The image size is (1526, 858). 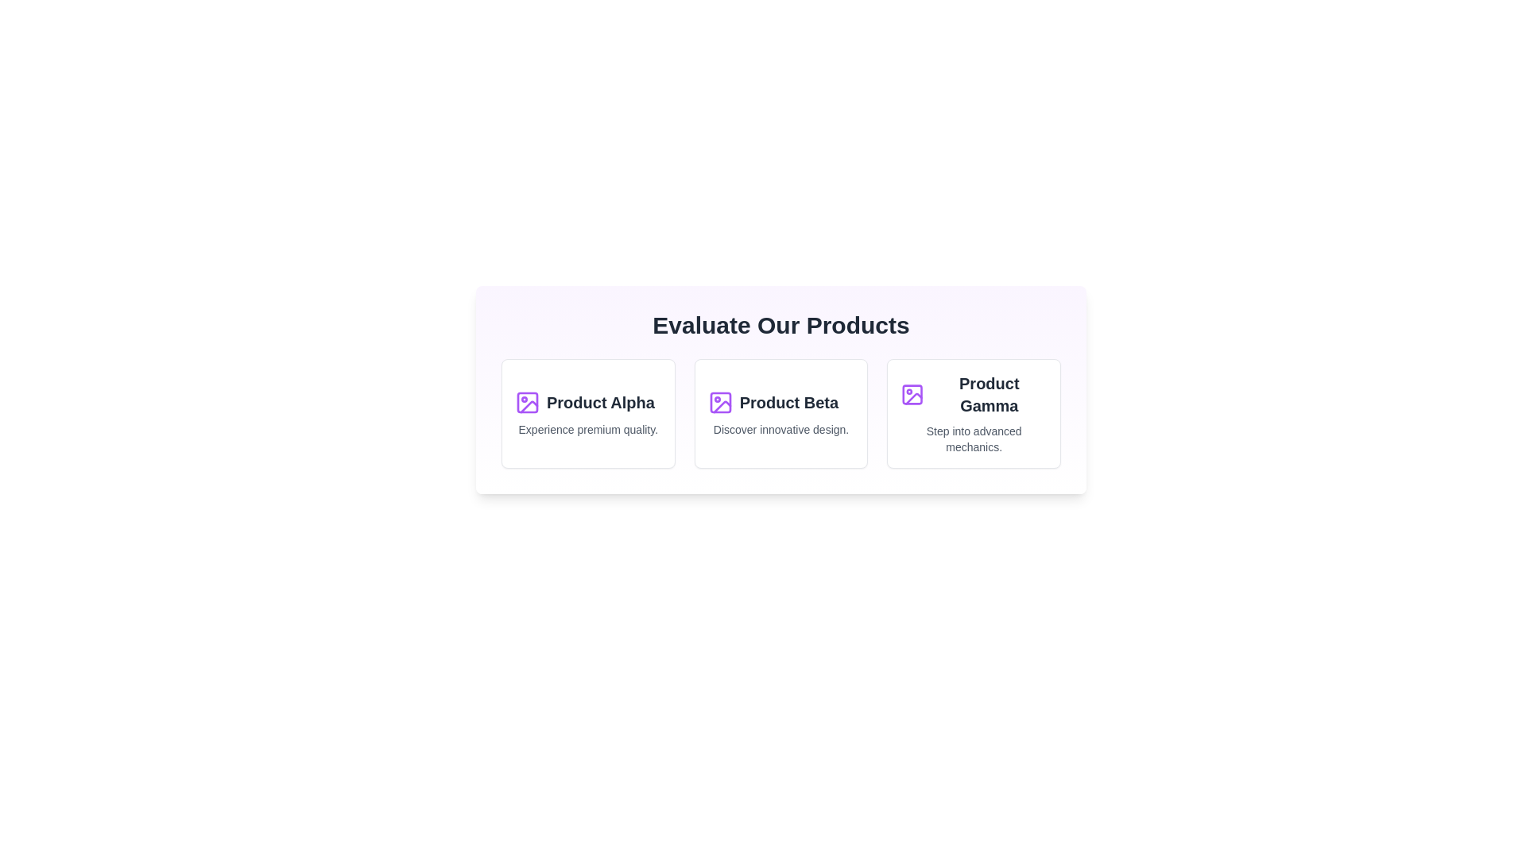 What do you see at coordinates (781, 412) in the screenshot?
I see `the second card in the series, which provides information about 'Product Beta'` at bounding box center [781, 412].